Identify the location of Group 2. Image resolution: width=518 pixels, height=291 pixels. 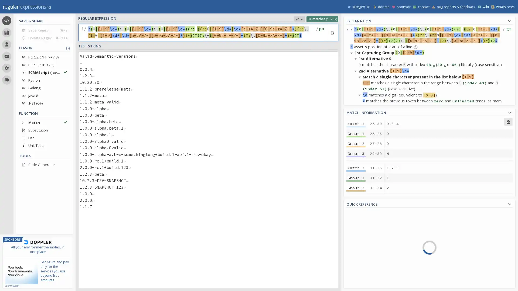
(356, 188).